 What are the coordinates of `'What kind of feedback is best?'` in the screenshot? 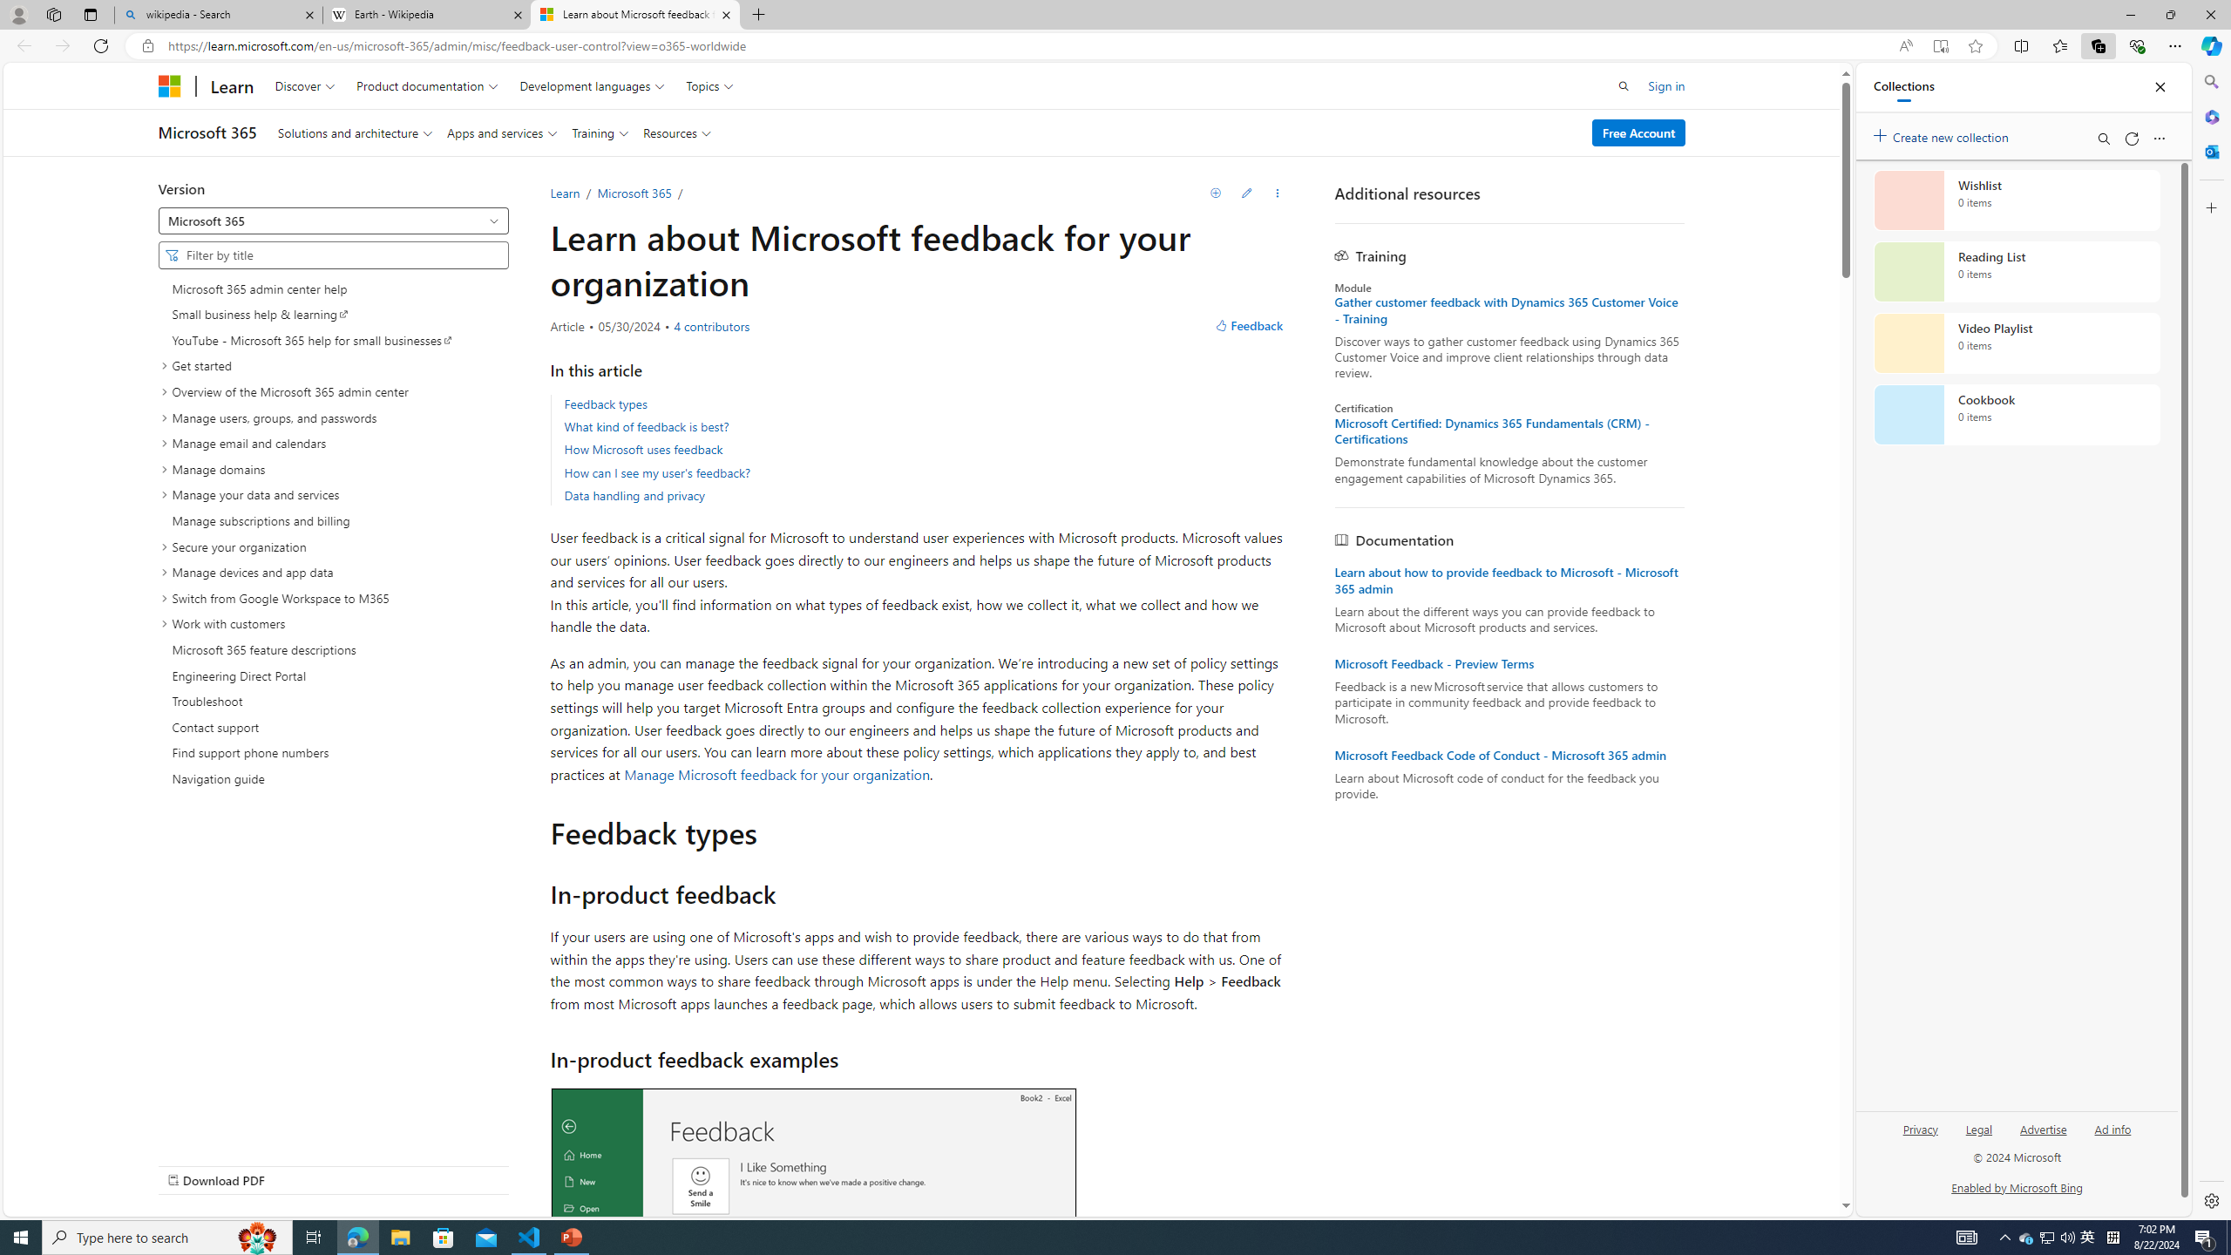 It's located at (646, 426).